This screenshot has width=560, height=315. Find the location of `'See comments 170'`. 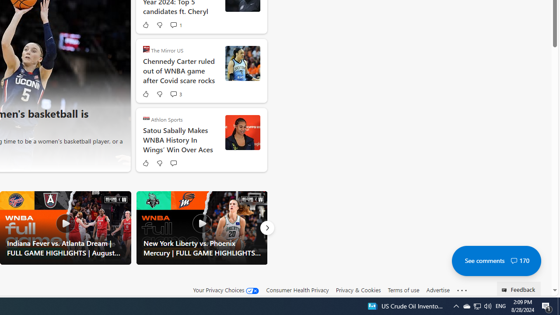

'See comments 170' is located at coordinates (496, 260).